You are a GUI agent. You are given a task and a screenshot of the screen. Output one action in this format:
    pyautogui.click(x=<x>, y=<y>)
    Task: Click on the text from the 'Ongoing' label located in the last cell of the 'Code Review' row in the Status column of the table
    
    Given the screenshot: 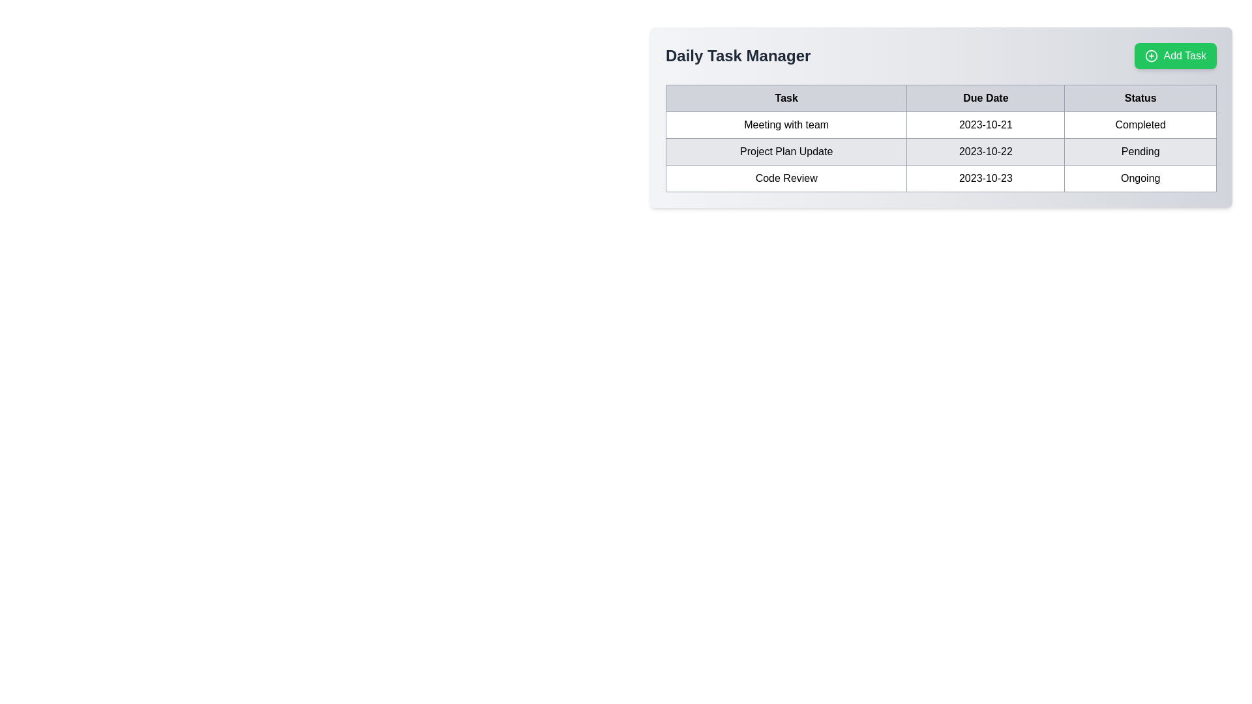 What is the action you would take?
    pyautogui.click(x=1140, y=178)
    